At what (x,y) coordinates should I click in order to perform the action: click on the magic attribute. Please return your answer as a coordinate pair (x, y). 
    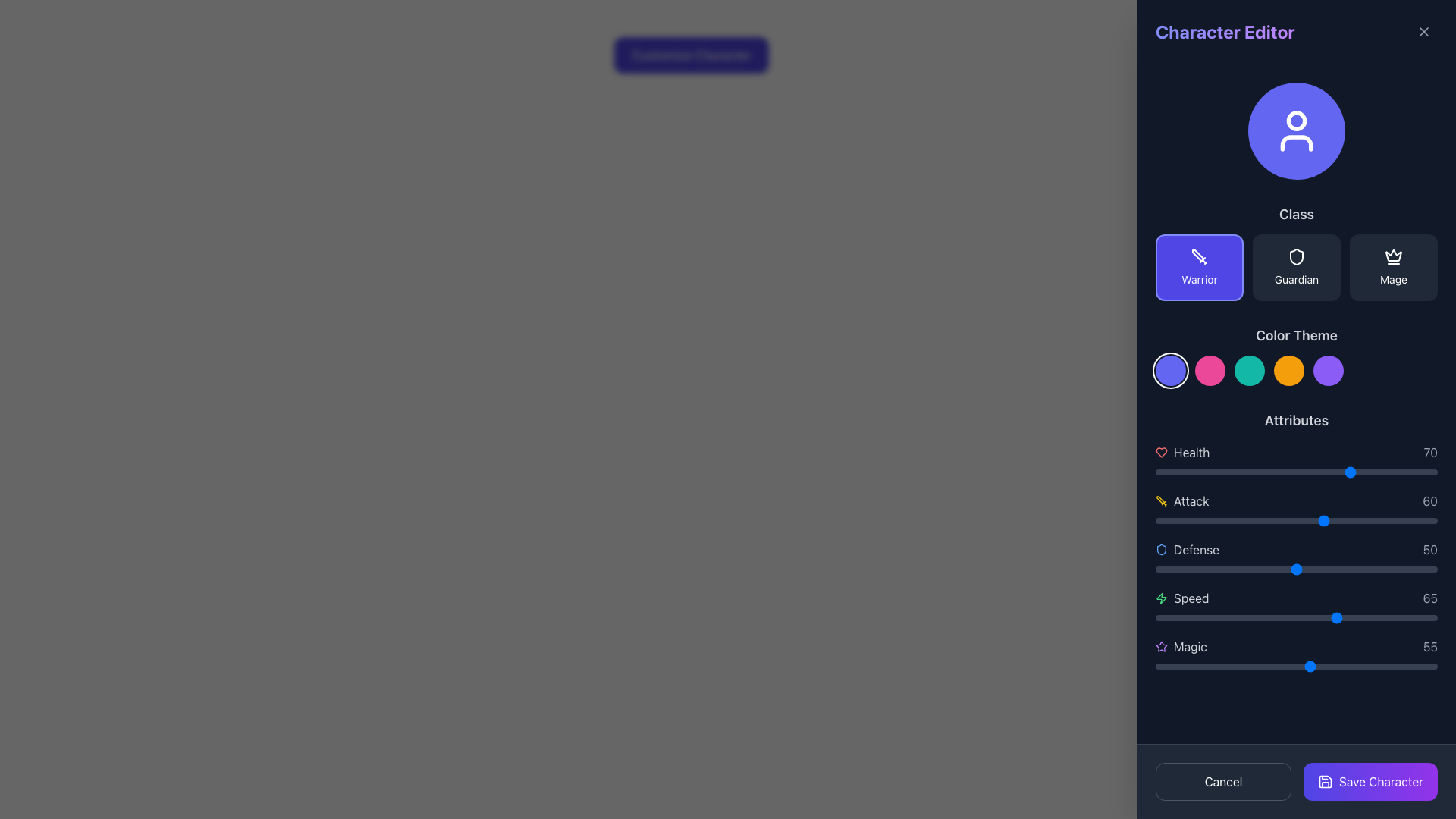
    Looking at the image, I should click on (1169, 666).